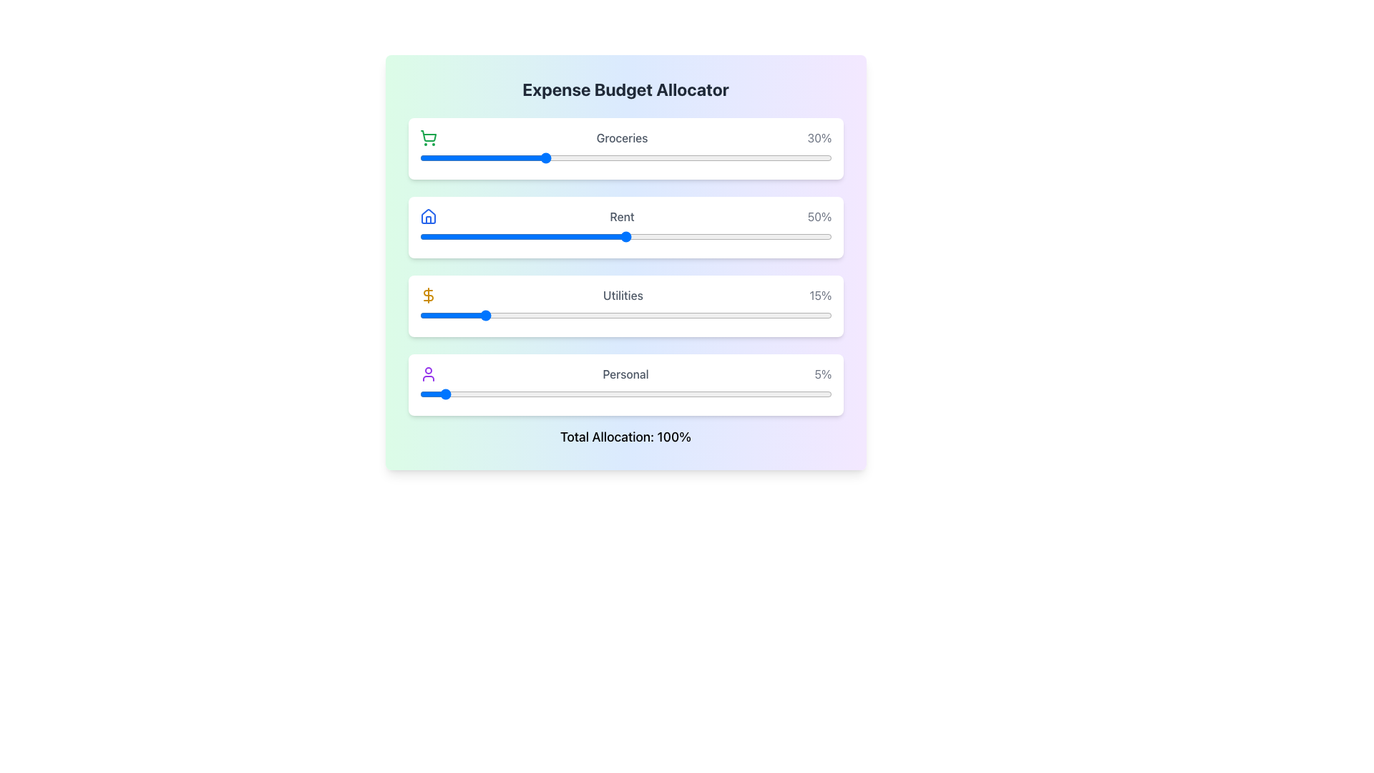 The width and height of the screenshot is (1374, 773). Describe the element at coordinates (625, 236) in the screenshot. I see `the range slider located in the 'Rent' category section below the 'Rent' text and '50%' percentage` at that location.